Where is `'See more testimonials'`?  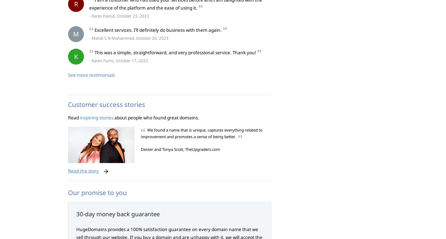 'See more testimonials' is located at coordinates (91, 75).